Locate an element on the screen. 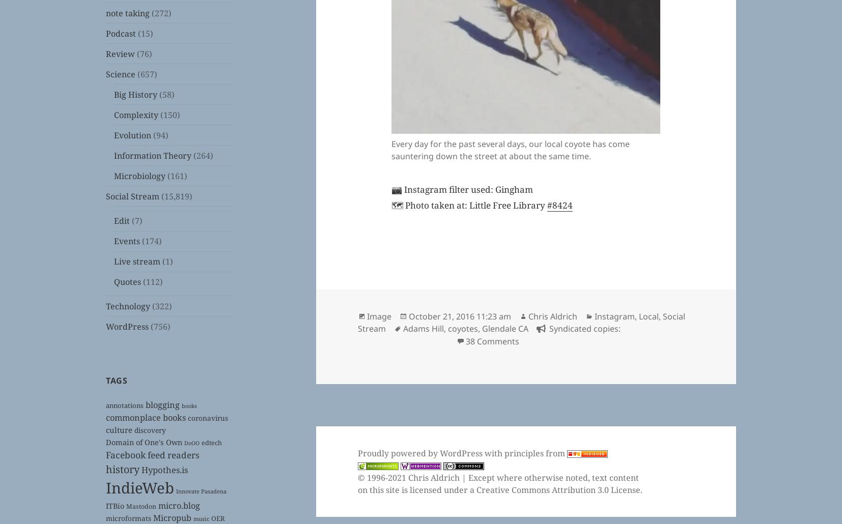 The image size is (842, 524). '(174)' is located at coordinates (150, 241).